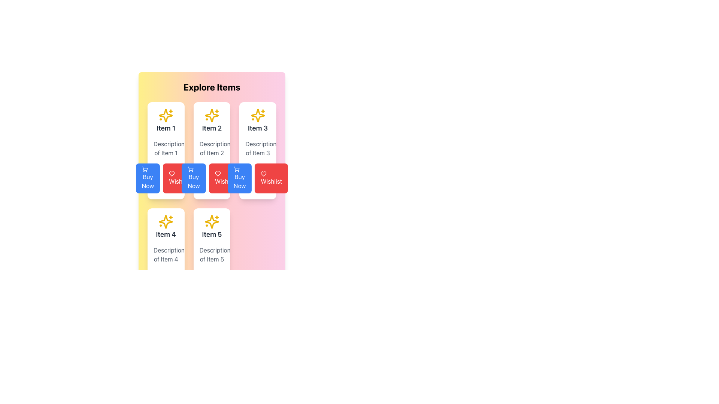 This screenshot has width=719, height=404. What do you see at coordinates (148, 178) in the screenshot?
I see `the 'Buy Now' button with a blue background and white text` at bounding box center [148, 178].